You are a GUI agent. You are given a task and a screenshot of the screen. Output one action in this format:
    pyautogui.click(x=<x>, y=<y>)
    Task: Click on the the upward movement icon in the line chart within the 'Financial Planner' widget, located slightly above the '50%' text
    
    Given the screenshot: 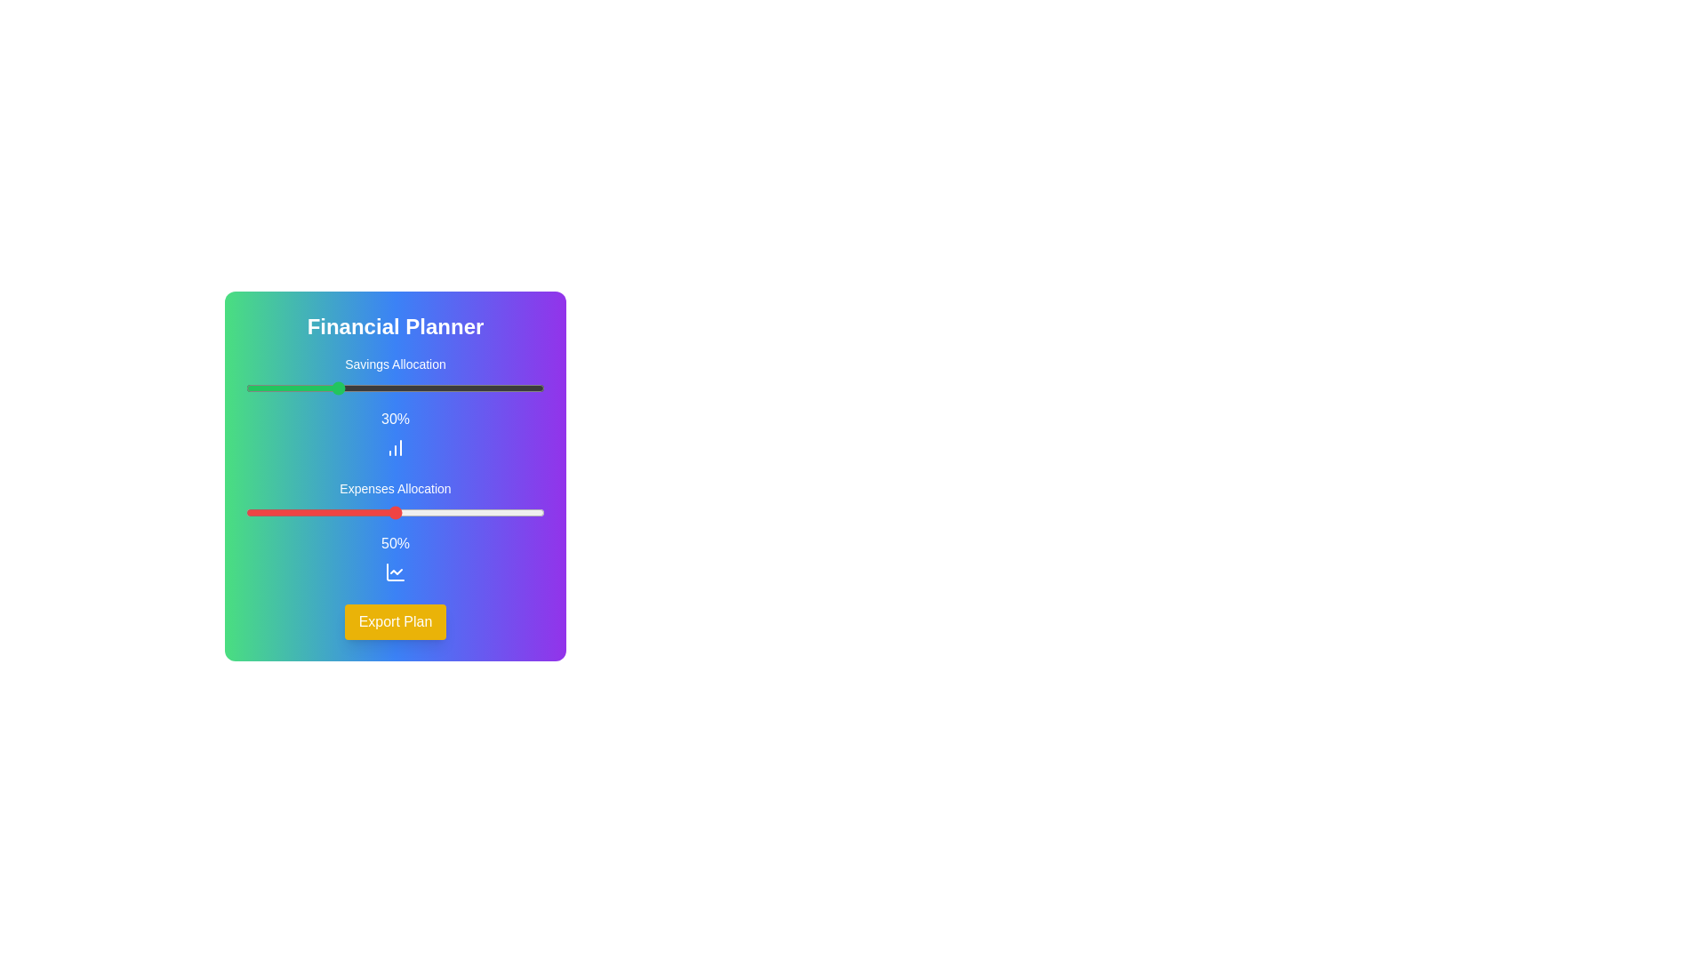 What is the action you would take?
    pyautogui.click(x=395, y=572)
    